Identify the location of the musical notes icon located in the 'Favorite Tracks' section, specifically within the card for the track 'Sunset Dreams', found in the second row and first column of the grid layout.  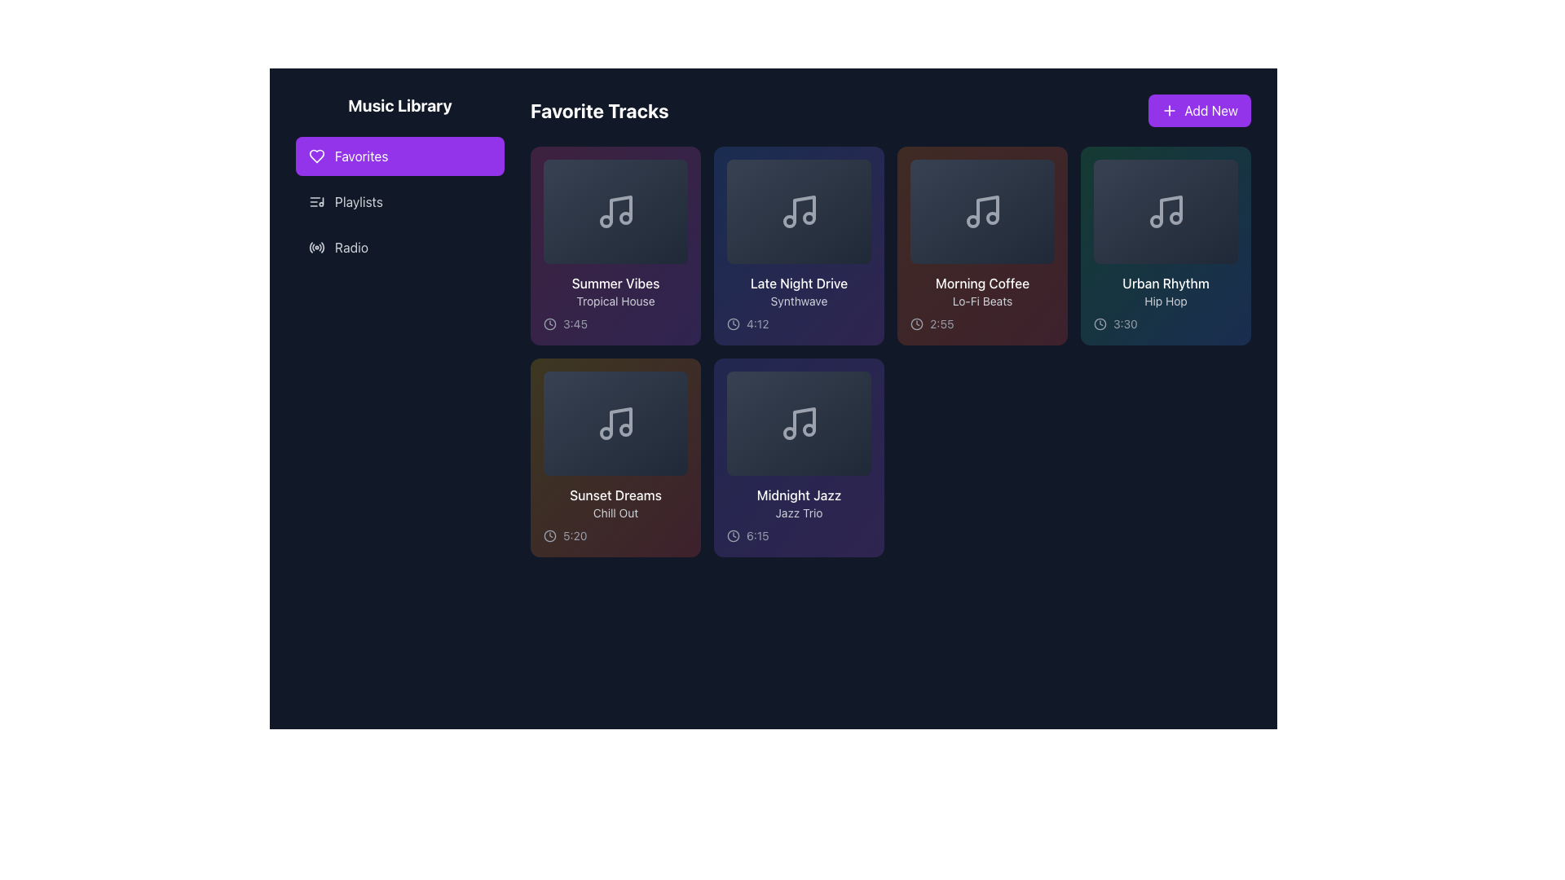
(615, 423).